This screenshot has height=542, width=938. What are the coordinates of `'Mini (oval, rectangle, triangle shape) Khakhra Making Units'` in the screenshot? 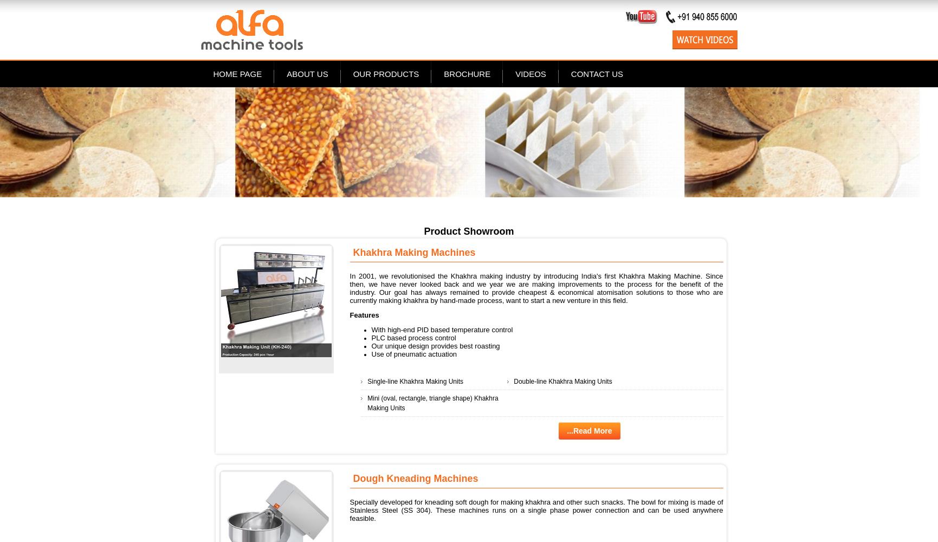 It's located at (432, 402).